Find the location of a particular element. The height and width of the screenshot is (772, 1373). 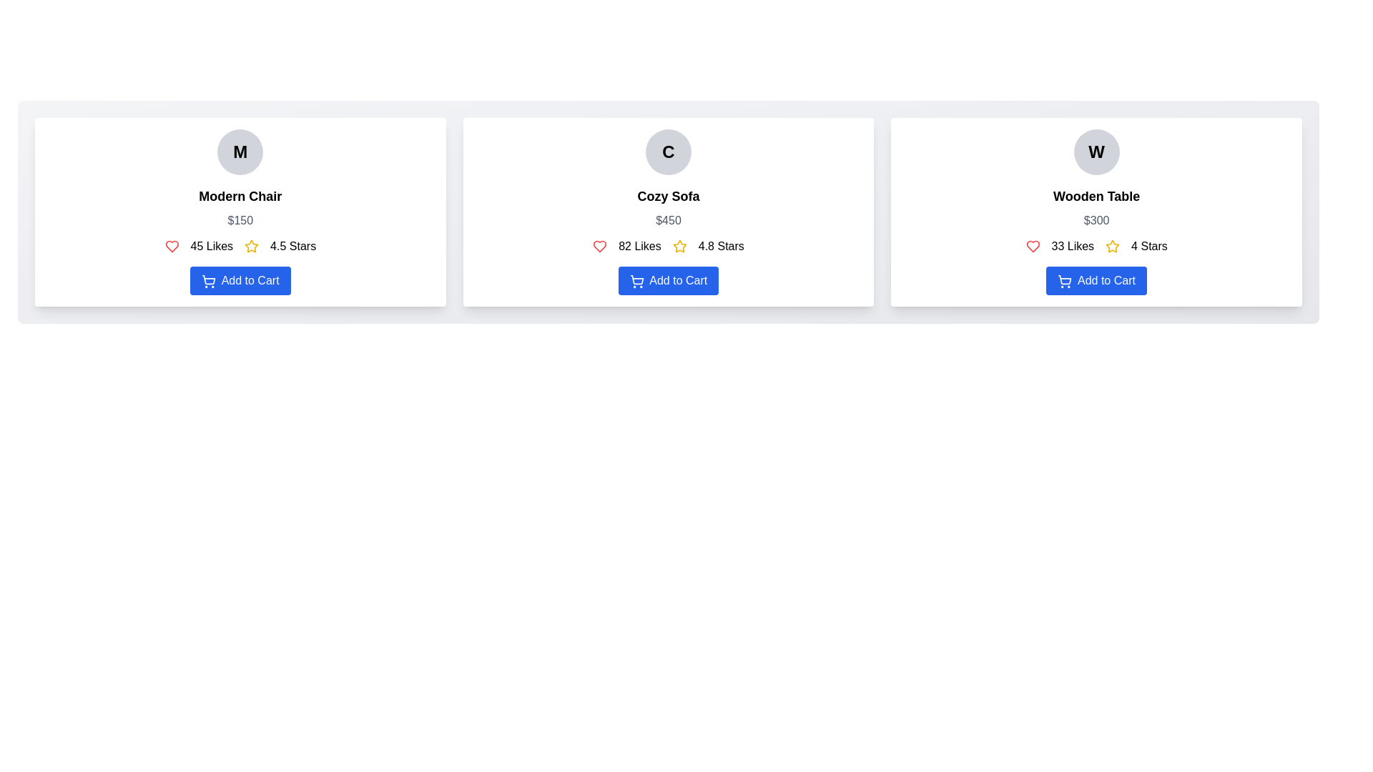

the Statistics display component showing a red heart icon and '33 Likes', along with a yellow star icon and '4 Stars', located below the price in the last card of three horizontally-aligned cards is located at coordinates (1096, 245).